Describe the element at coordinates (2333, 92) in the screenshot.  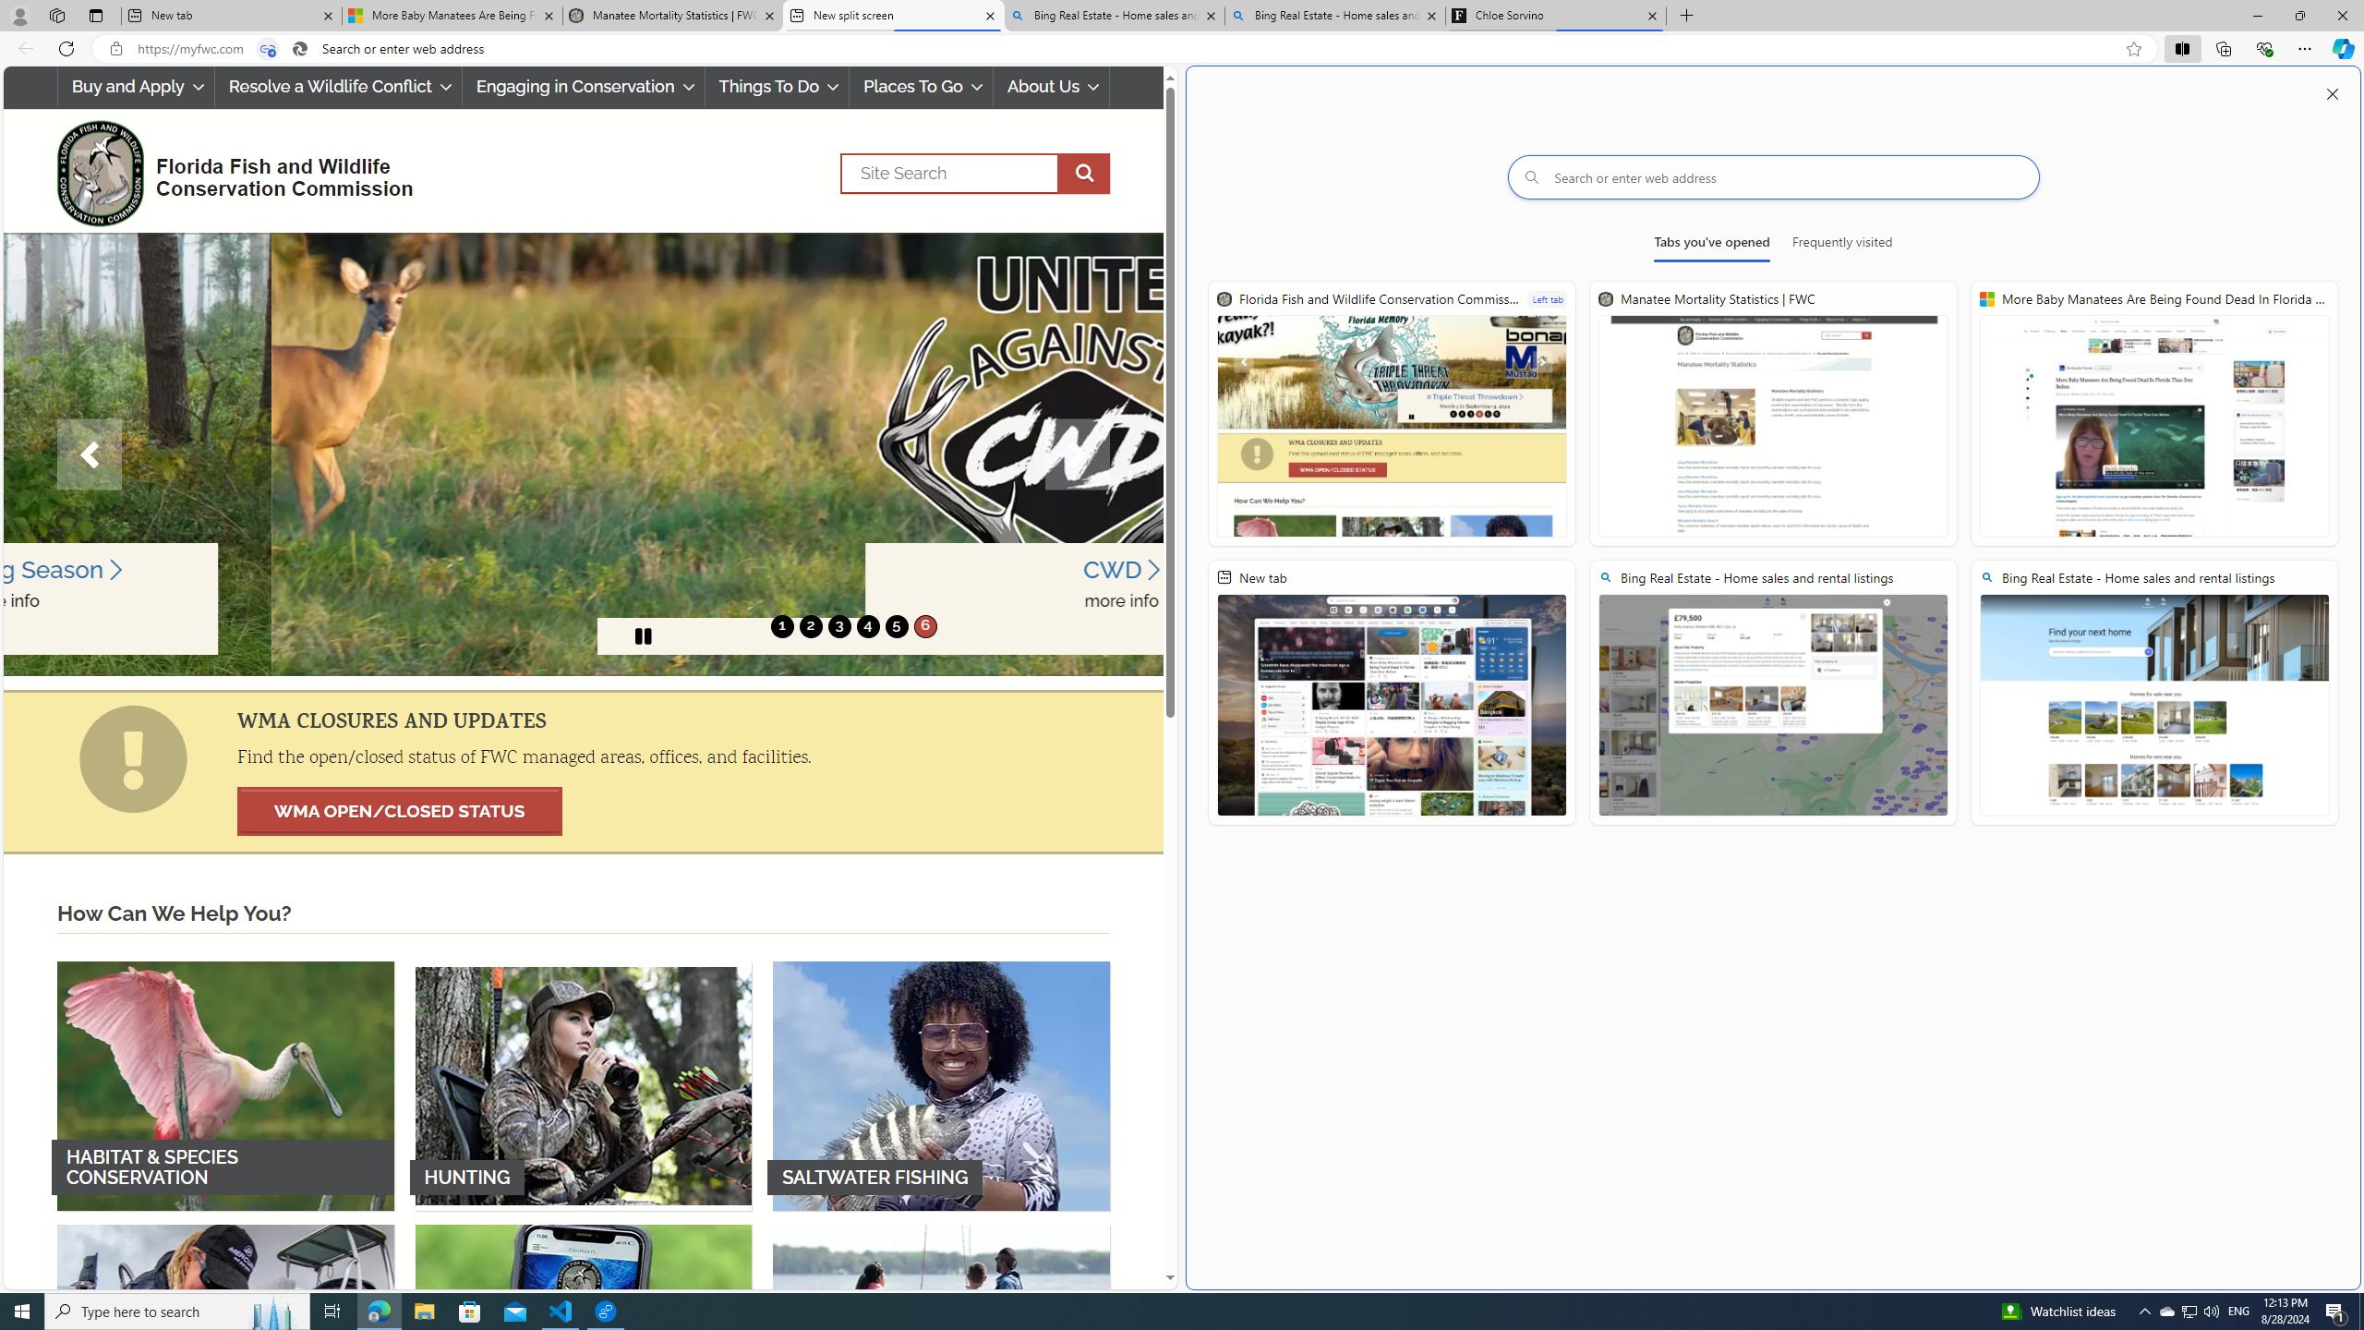
I see `'Close split screen'` at that location.